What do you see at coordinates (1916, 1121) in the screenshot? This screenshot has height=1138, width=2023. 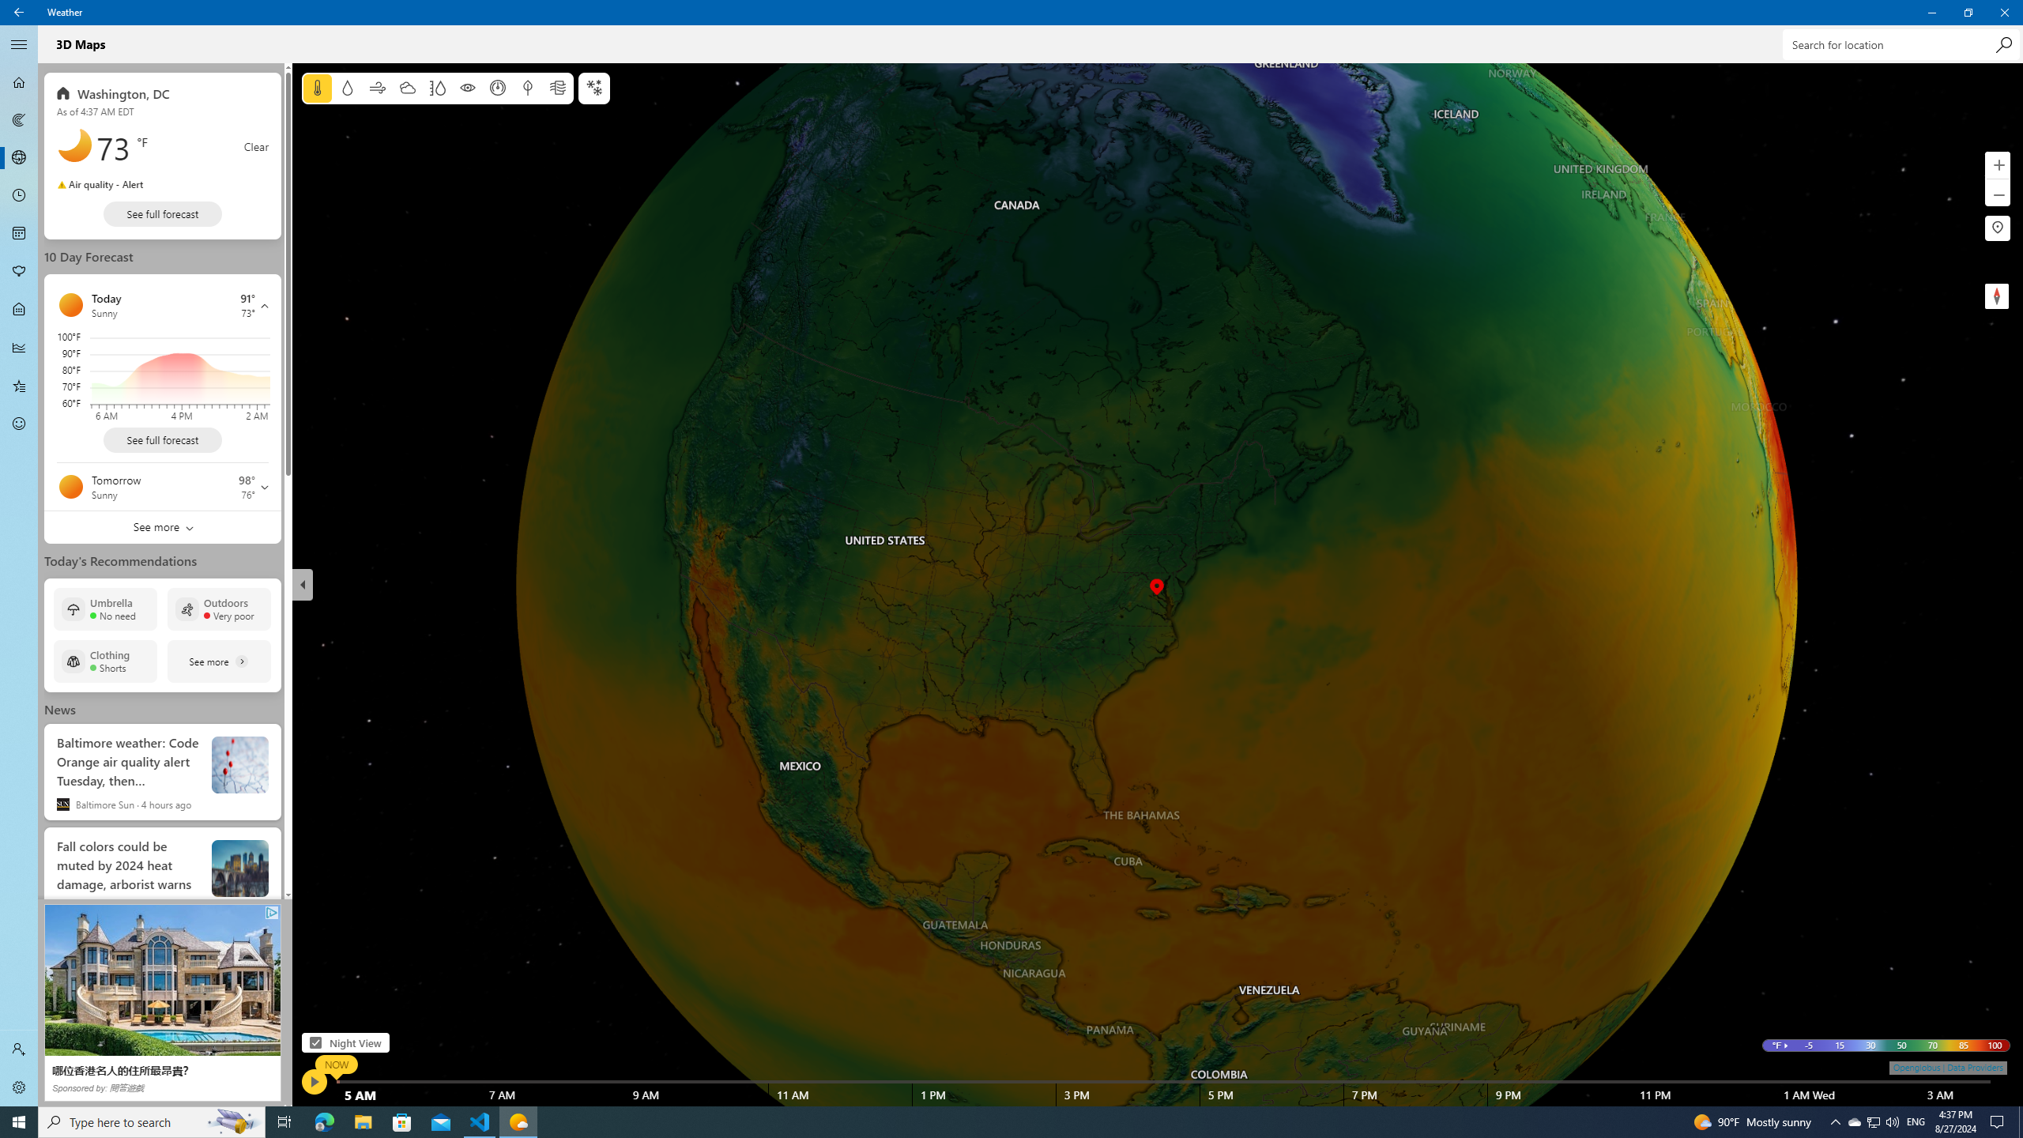 I see `'Tray Input Indicator - English (United States)'` at bounding box center [1916, 1121].